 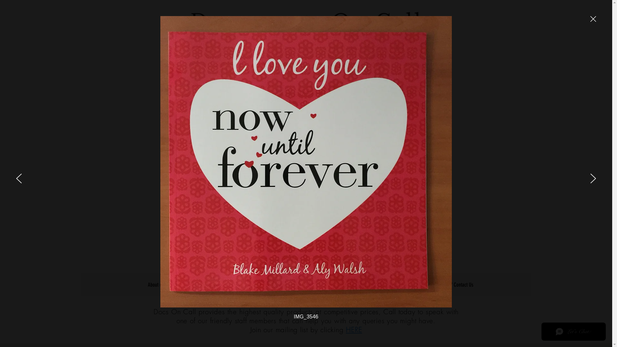 I want to click on 'About us', so click(x=81, y=284).